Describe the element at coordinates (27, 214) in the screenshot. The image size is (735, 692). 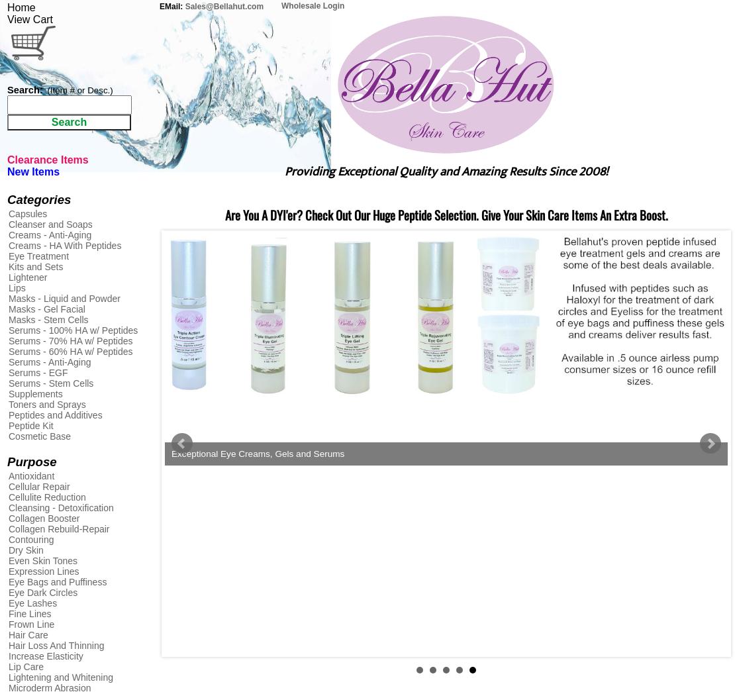
I see `'Capsules'` at that location.